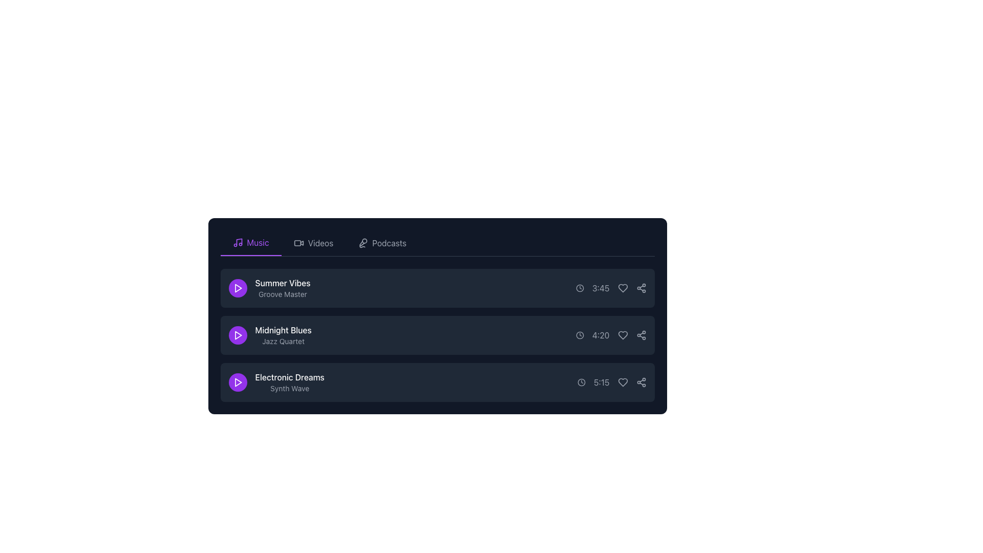 The width and height of the screenshot is (983, 553). I want to click on the 'Summer Vibes' list item with a dark gray background and purple play icon, so click(437, 288).